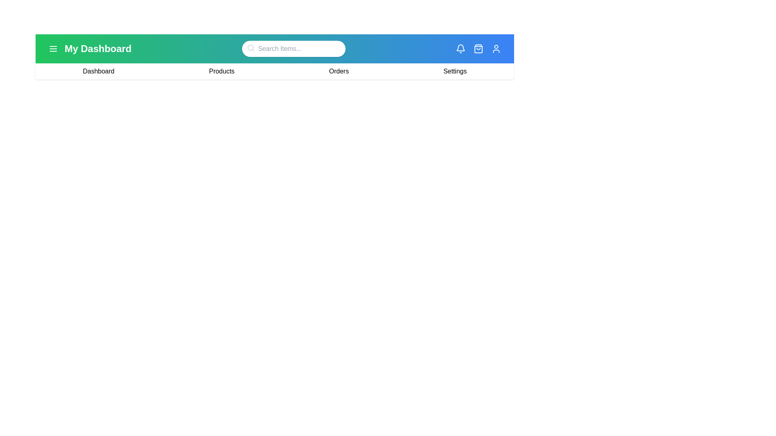 This screenshot has width=776, height=436. I want to click on the menu icon to toggle the menu, so click(53, 48).